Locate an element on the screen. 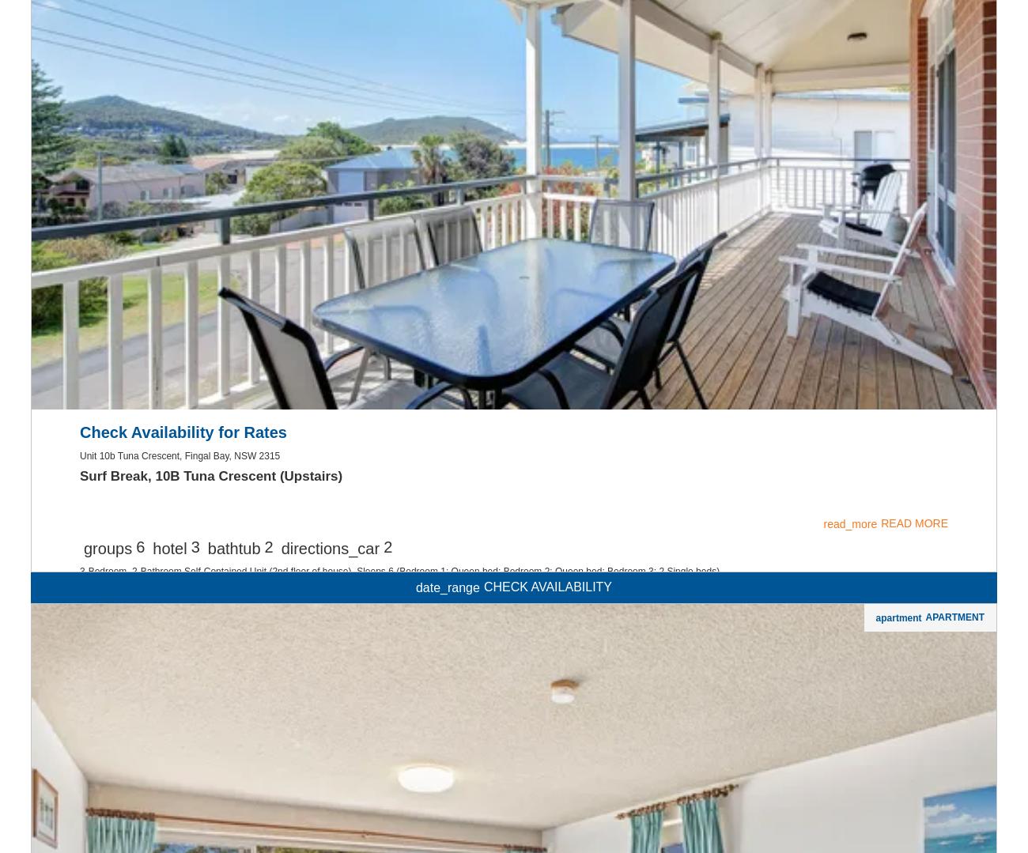 This screenshot has width=1028, height=853. 'smoke_free' is located at coordinates (513, 104).